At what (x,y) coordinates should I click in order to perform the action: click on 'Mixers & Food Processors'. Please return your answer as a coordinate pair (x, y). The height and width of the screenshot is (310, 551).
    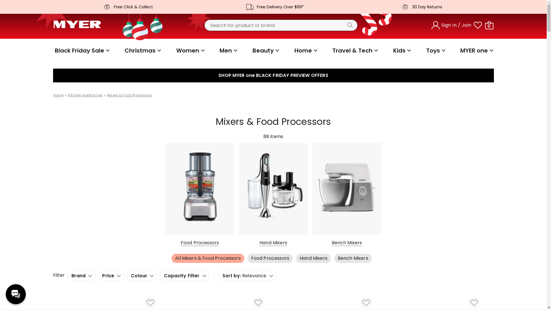
    Looking at the image, I should click on (129, 95).